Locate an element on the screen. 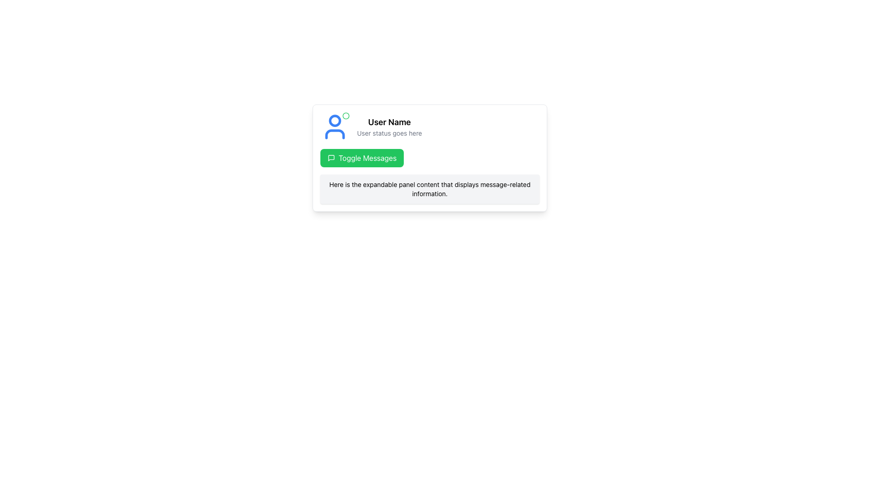 The width and height of the screenshot is (880, 495). the messaging icon located at the center of the green 'Toggle Messages' button, which is positioned below the user profile details and above the expandable panel content is located at coordinates (331, 157).